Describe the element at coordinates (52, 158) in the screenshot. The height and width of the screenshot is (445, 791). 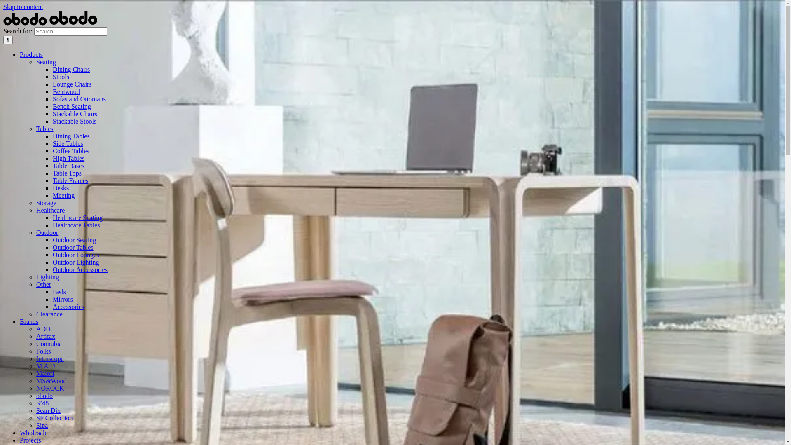
I see `'High Tables'` at that location.